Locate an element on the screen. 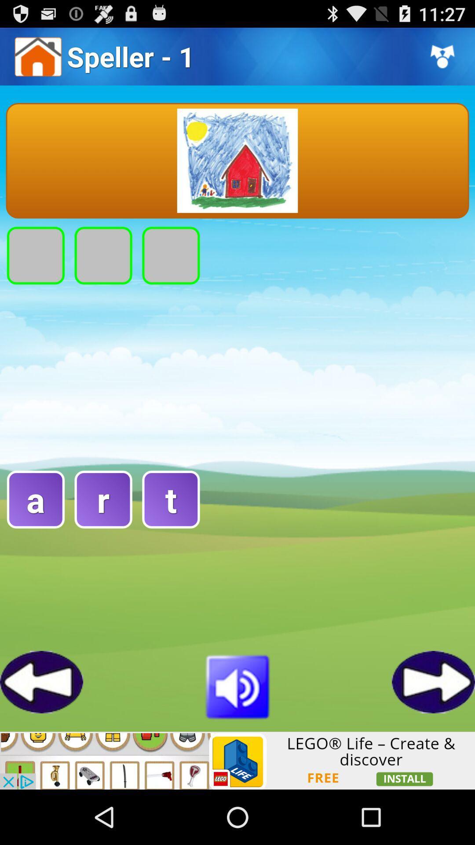 This screenshot has width=475, height=845. back is located at coordinates (41, 681).